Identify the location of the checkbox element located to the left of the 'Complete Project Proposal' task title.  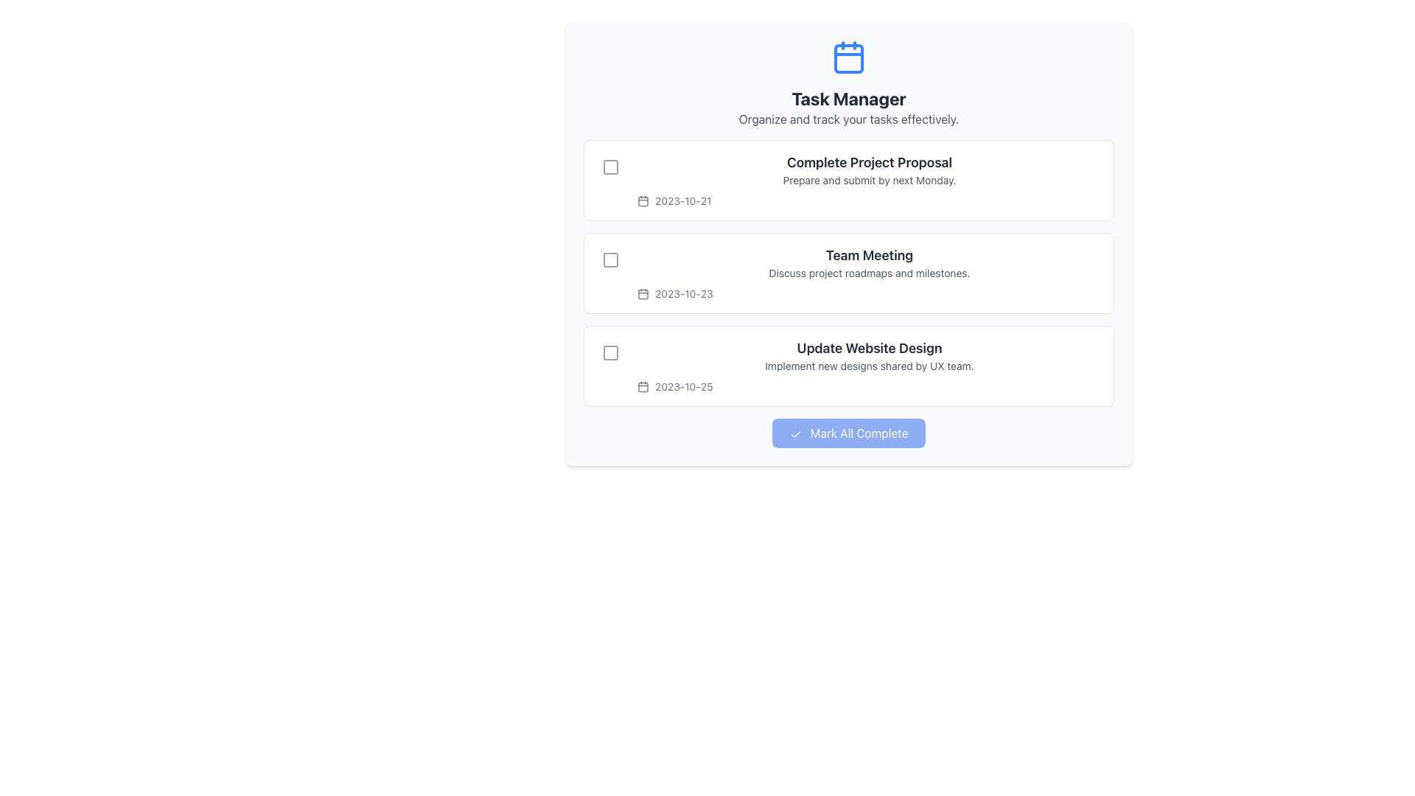
(611, 167).